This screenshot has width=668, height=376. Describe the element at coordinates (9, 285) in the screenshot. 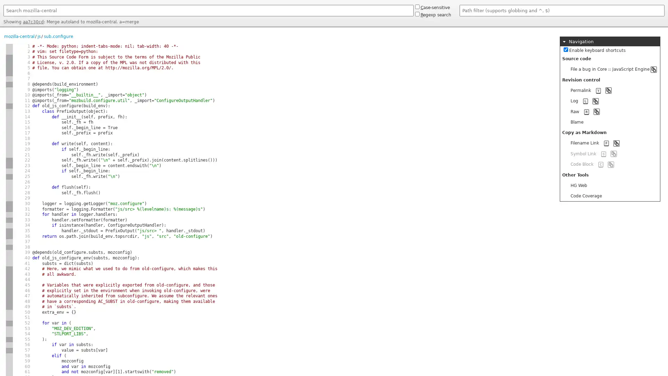

I see `same hash 2` at that location.